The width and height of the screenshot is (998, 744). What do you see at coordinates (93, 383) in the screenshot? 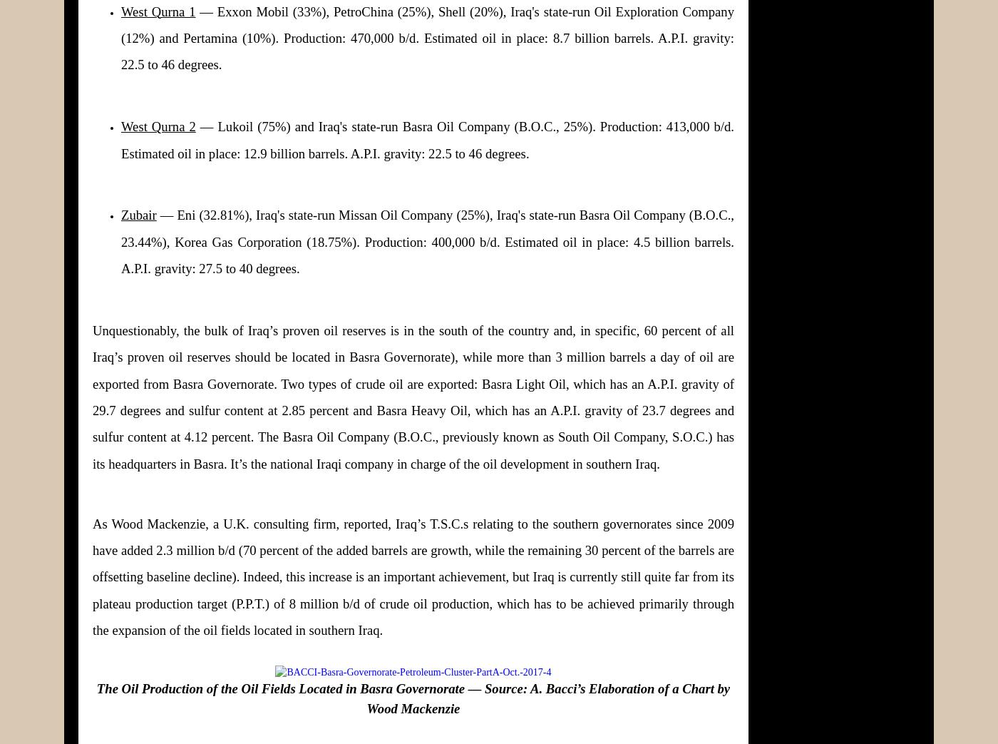
I see `'Unquestionably, the
bulk of Iraq’s proven oil reserves is in the south of the country and, in
specific, 60 percent of all Iraq’s proven oil reserves should be located in
Basra Governorate), while more than 3 million barrels a day of oil are exported
from Basra Governorate. Two types of crude oil are exported: Basra Light Oil,
which has an A.P.I. gravity of 29.7 degrees and sulfur content at 2.85 percent and
Basra Heavy Oil, which has an A.P.I. gravity of 23.7 degrees and sulfur content
at 4.12 percent.'` at bounding box center [93, 383].